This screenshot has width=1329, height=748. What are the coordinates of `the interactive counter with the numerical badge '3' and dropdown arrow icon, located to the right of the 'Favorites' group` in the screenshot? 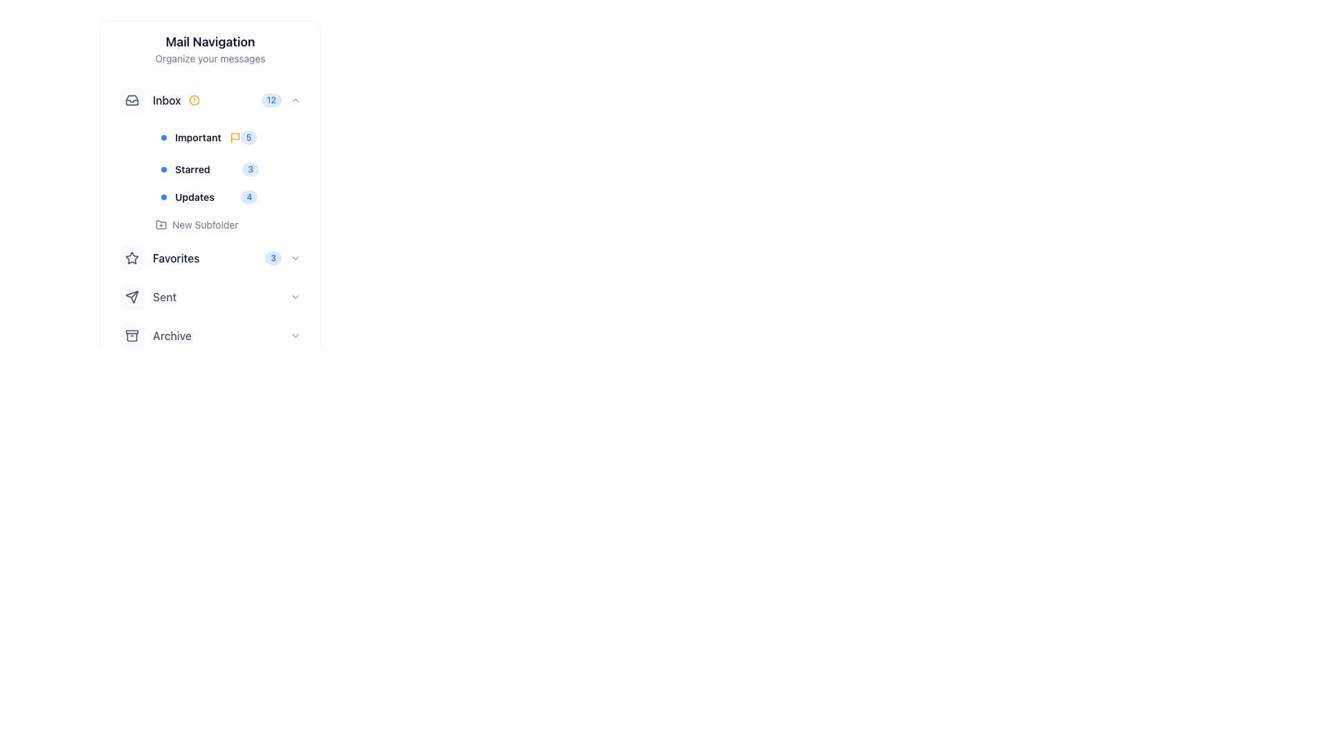 It's located at (282, 258).